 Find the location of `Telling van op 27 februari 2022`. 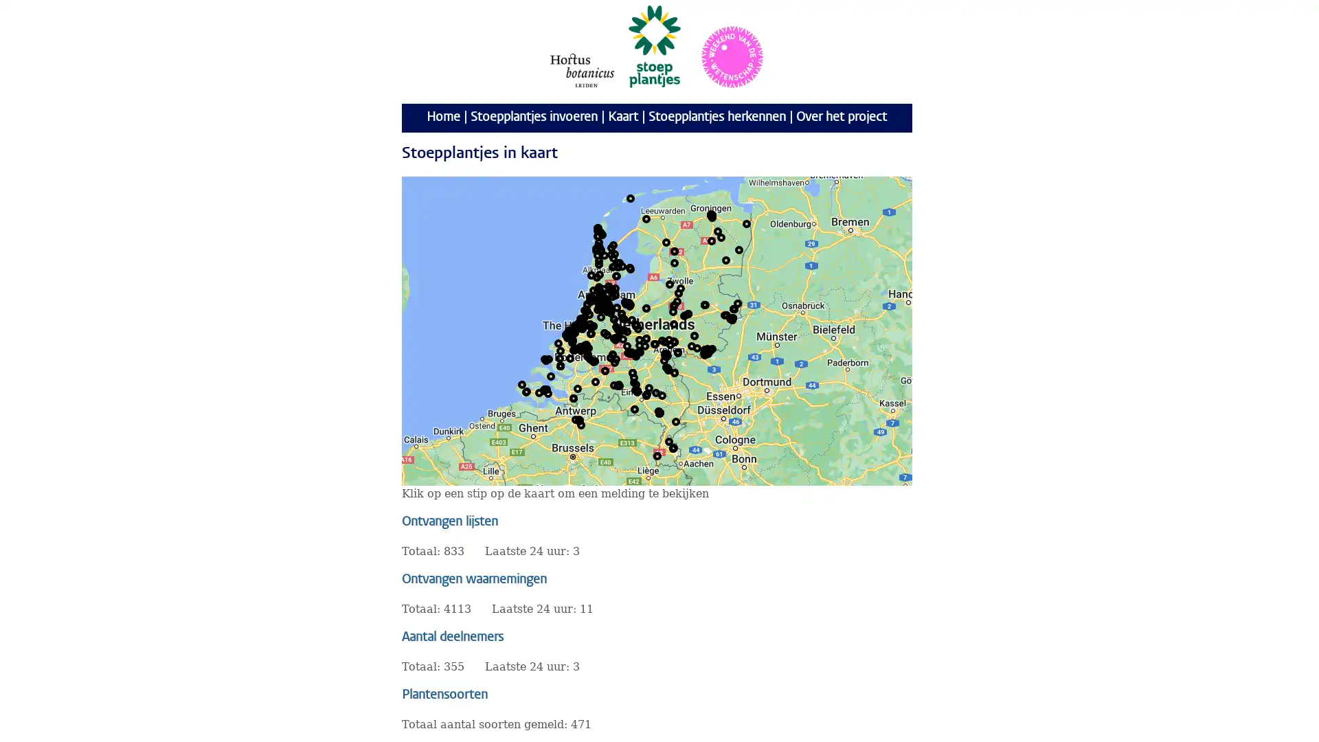

Telling van op 27 februari 2022 is located at coordinates (627, 352).